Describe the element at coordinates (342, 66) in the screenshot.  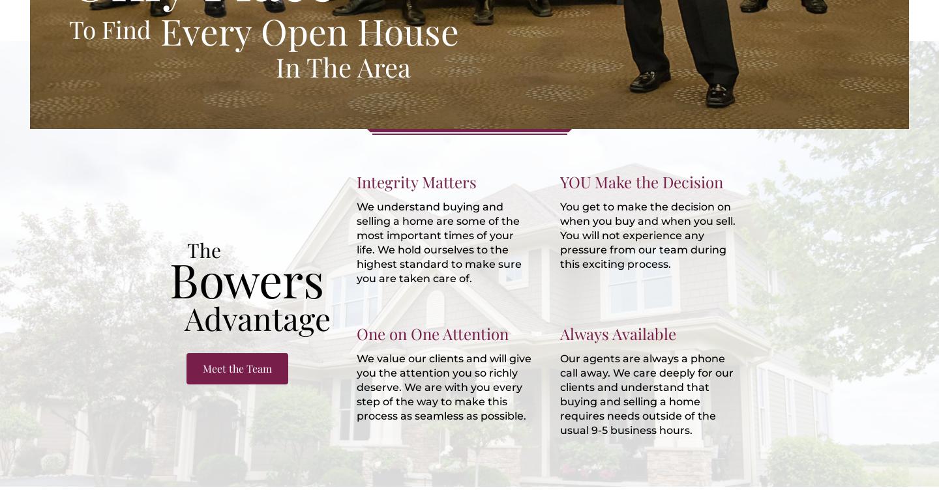
I see `'In The Area'` at that location.